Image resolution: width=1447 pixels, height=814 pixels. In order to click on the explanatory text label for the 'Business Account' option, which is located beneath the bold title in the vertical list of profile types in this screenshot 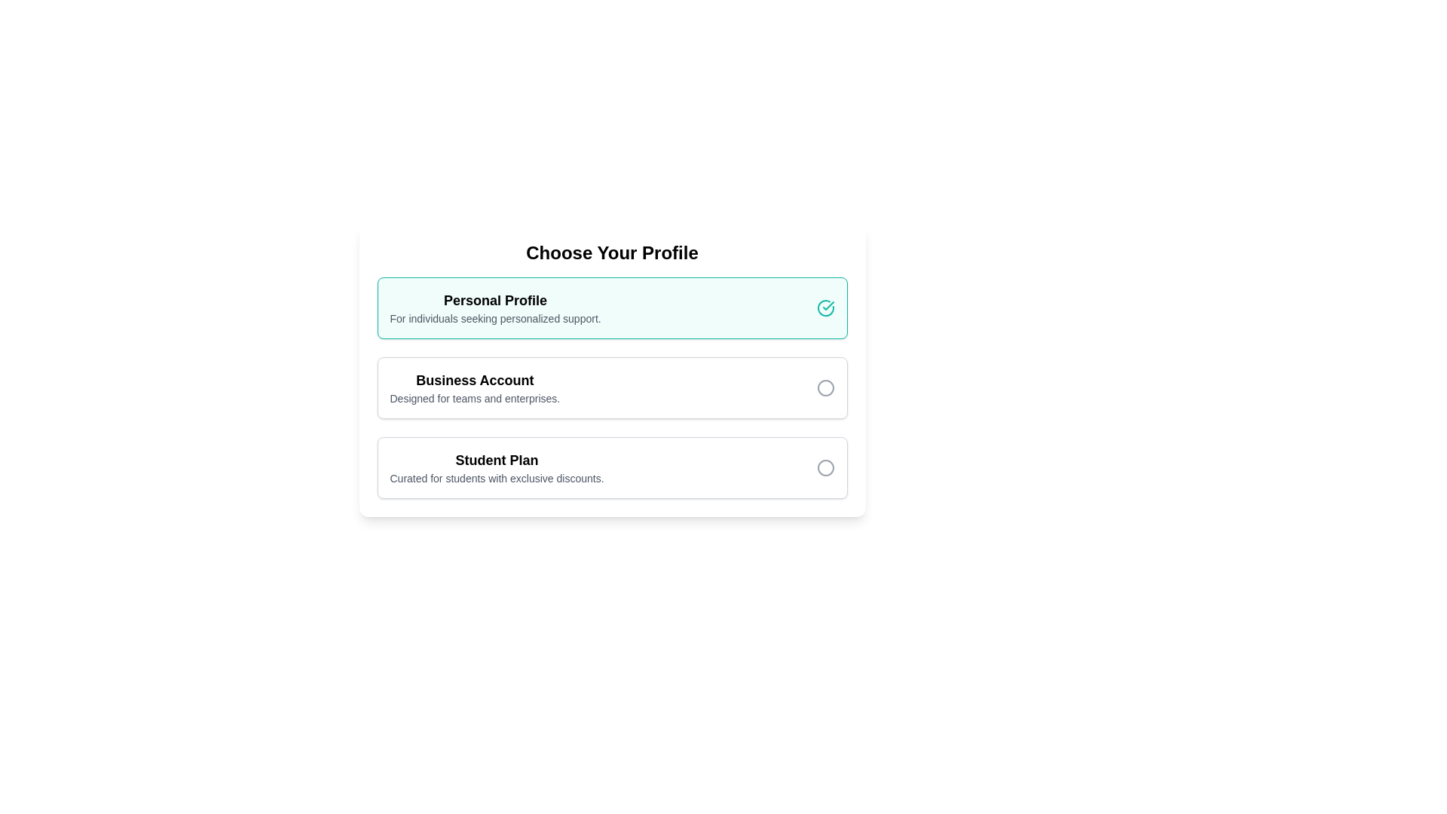, I will do `click(474, 397)`.